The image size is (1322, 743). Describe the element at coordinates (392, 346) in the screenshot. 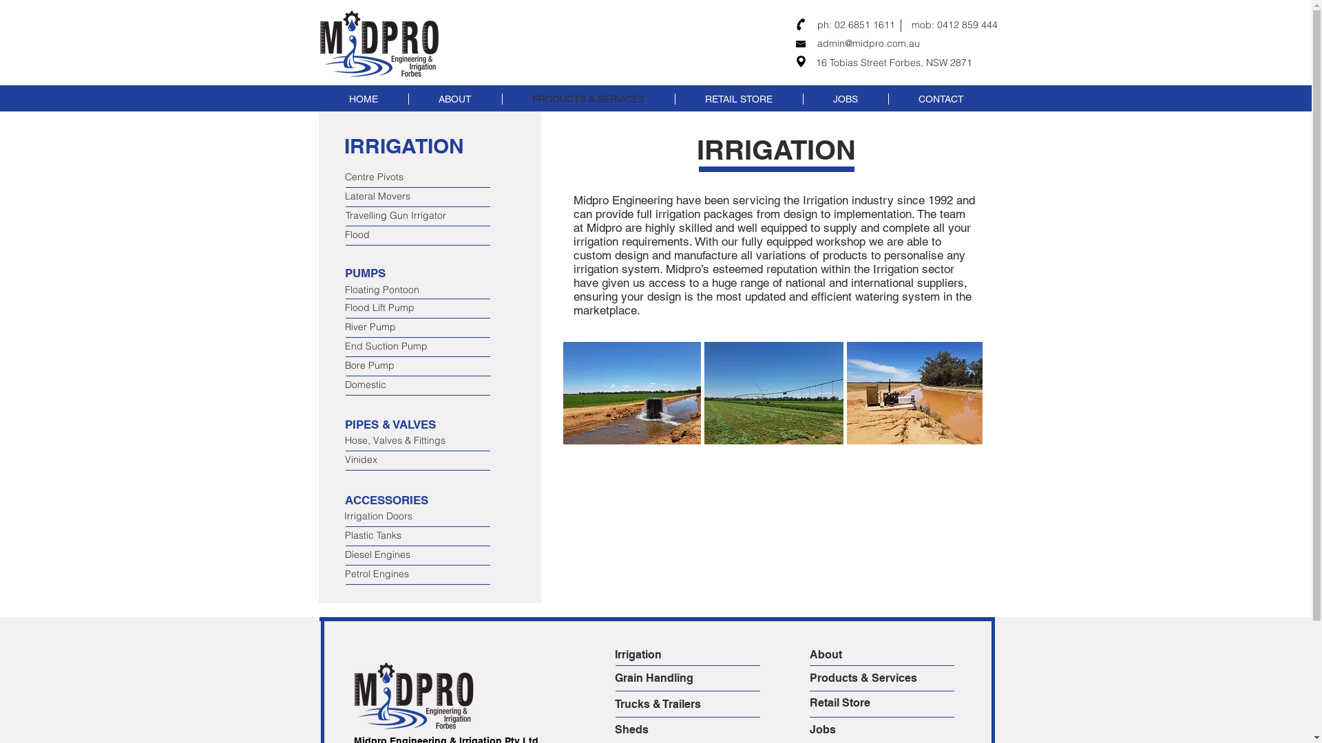

I see `'End Suction Pump'` at that location.